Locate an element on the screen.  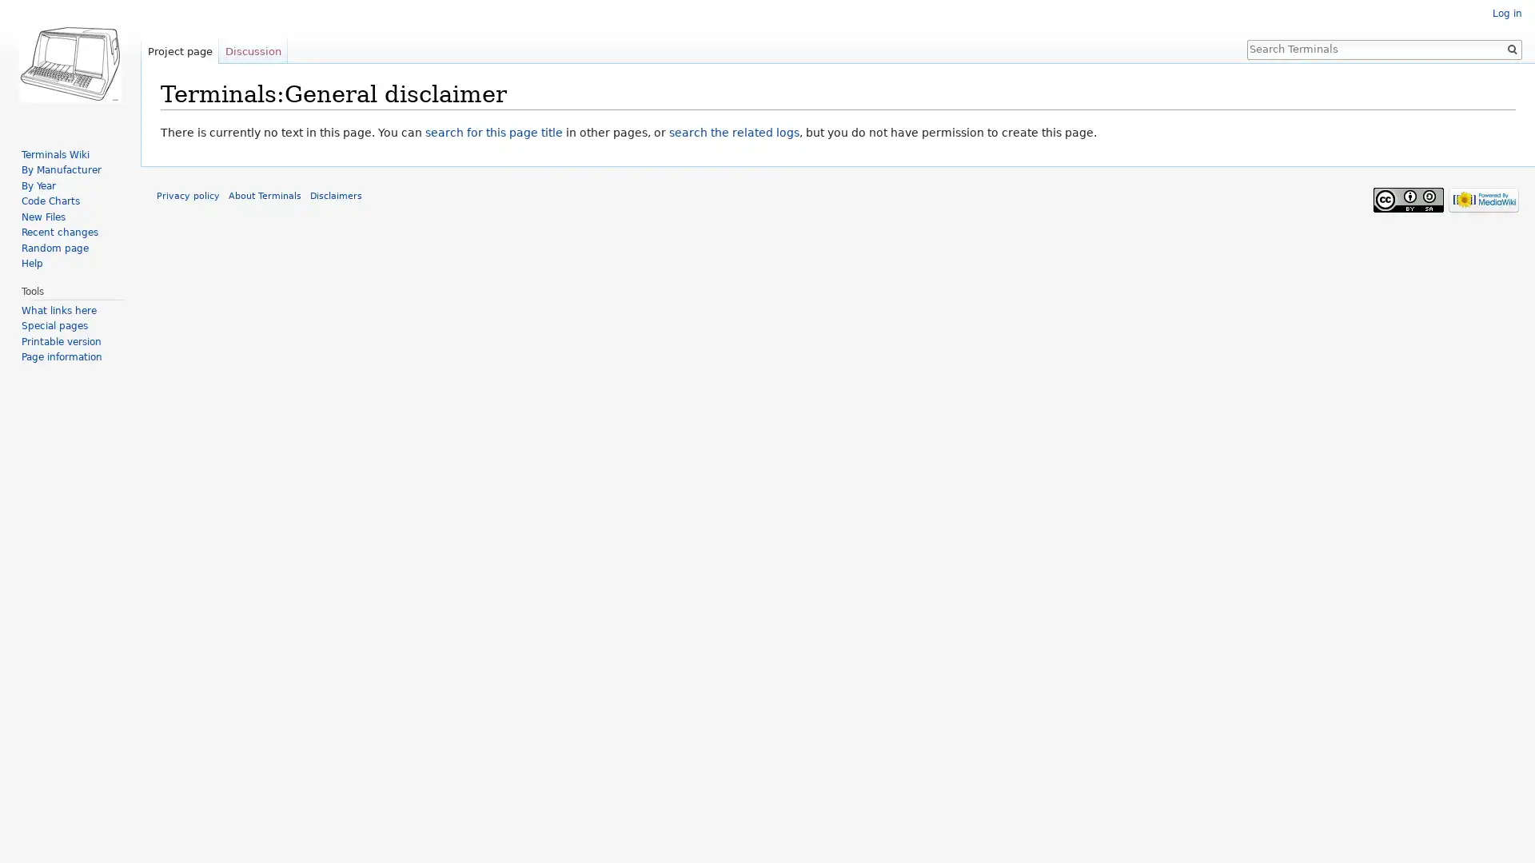
Go is located at coordinates (1511, 48).